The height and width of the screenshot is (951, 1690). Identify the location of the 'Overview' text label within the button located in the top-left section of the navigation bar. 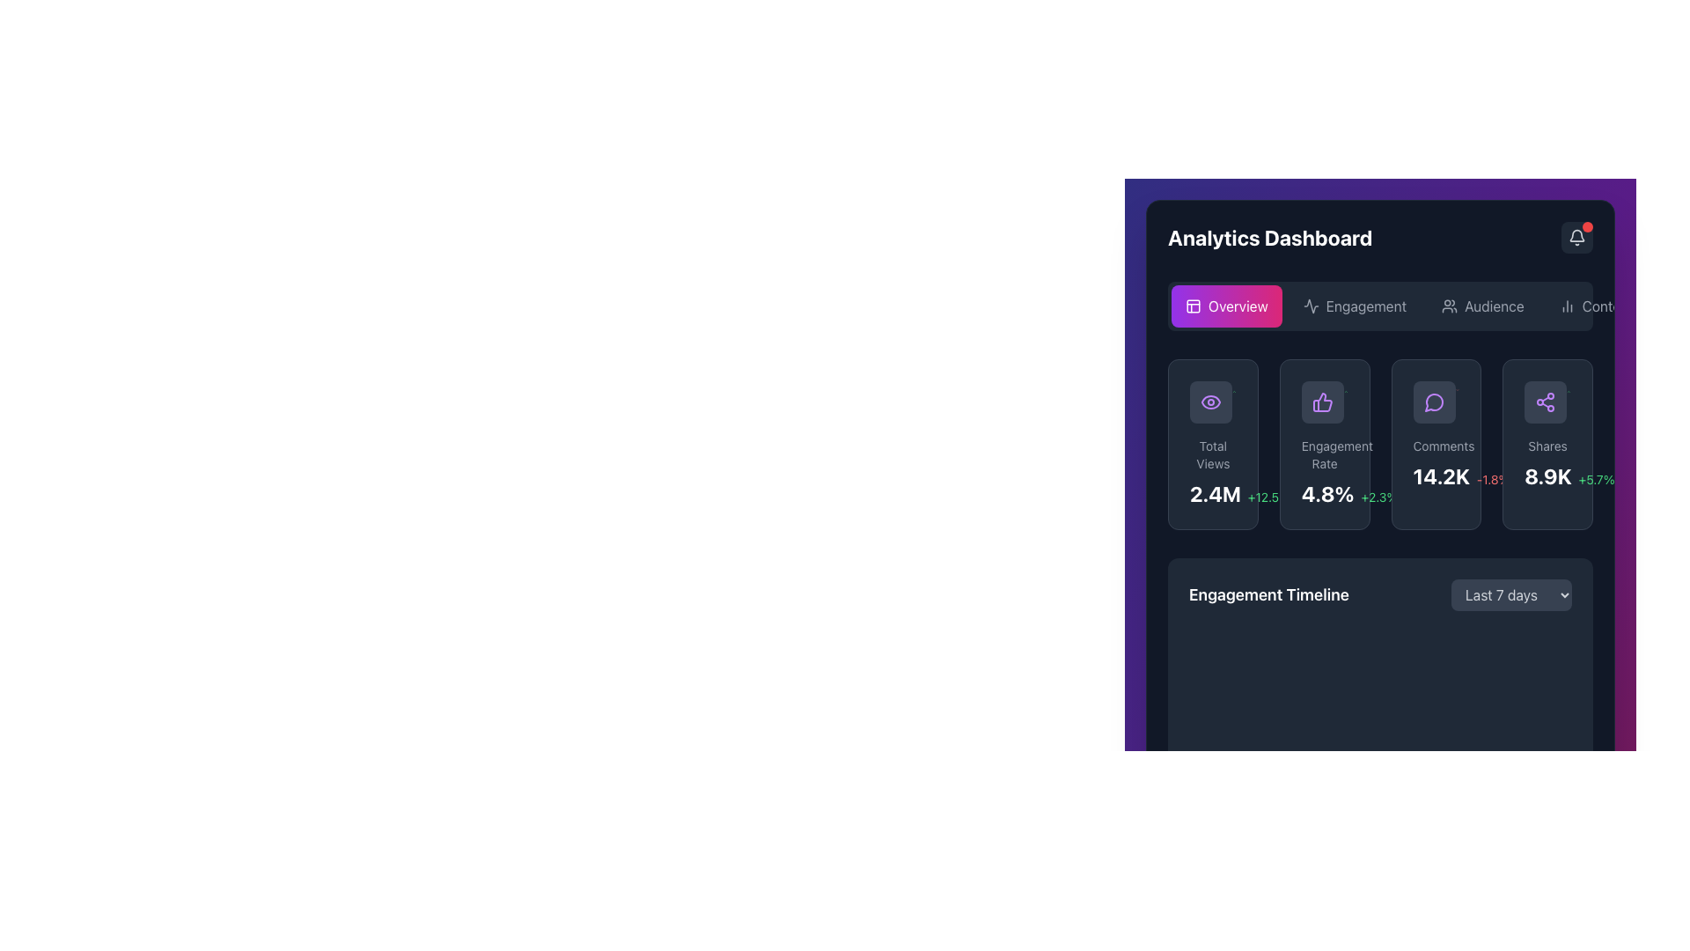
(1237, 305).